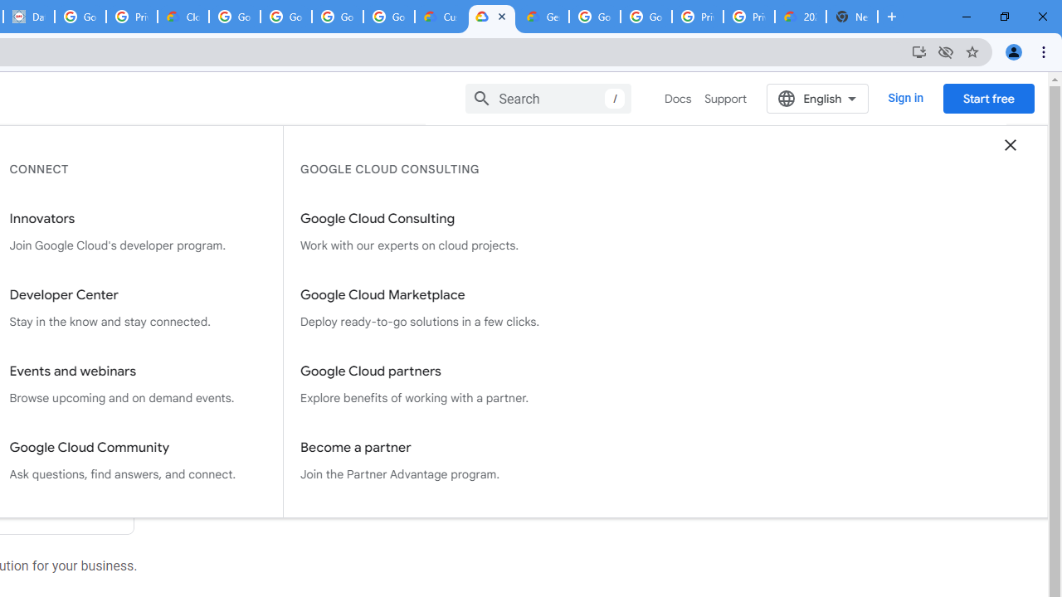 The height and width of the screenshot is (597, 1062). What do you see at coordinates (548, 98) in the screenshot?
I see `'Search'` at bounding box center [548, 98].